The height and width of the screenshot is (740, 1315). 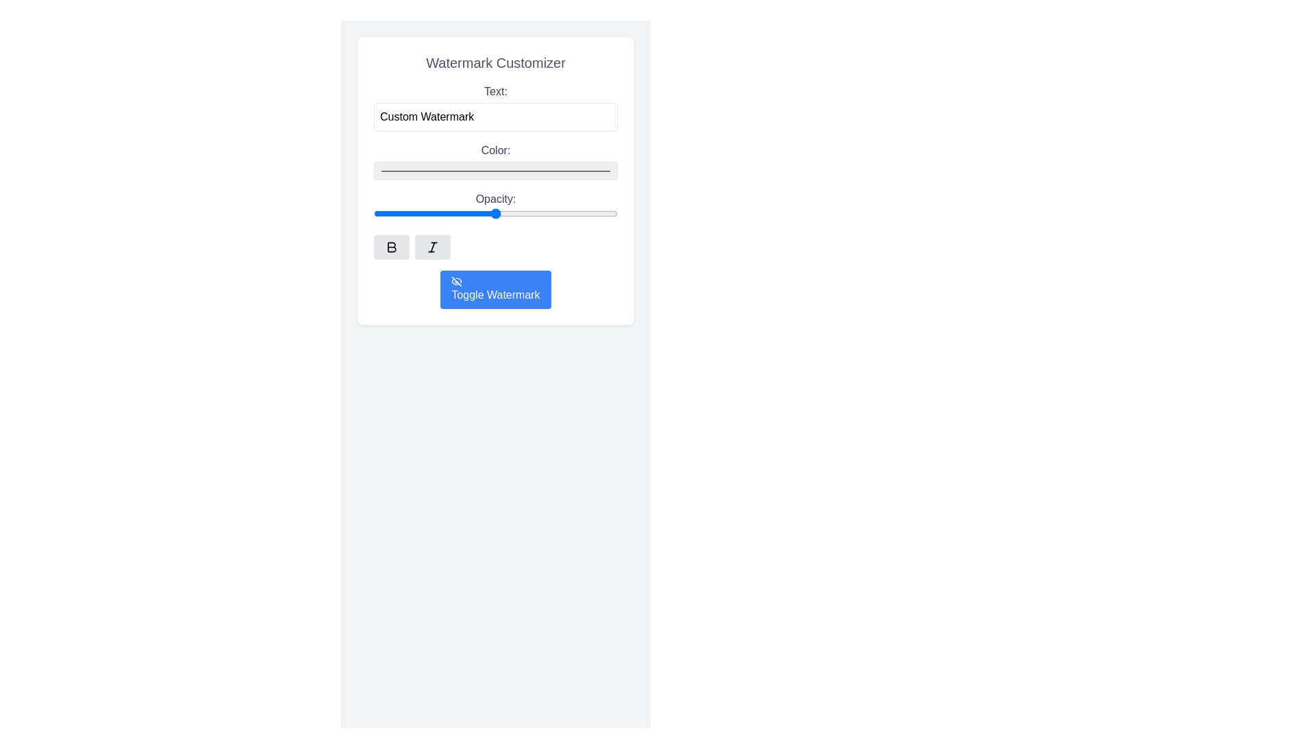 I want to click on and drop into the horizontal rectangular color input field located in the 'Color:' section, which is styled with a border and displays a solid gray color (#808080), so click(x=495, y=170).